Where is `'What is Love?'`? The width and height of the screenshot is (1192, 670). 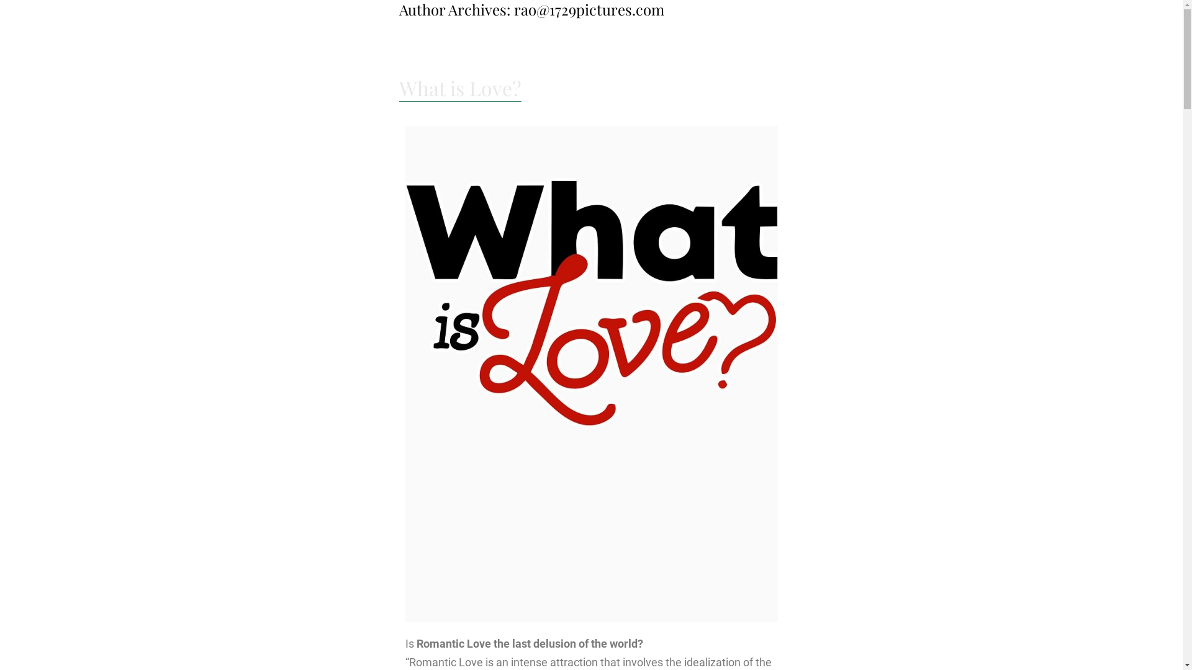
'What is Love?' is located at coordinates (459, 87).